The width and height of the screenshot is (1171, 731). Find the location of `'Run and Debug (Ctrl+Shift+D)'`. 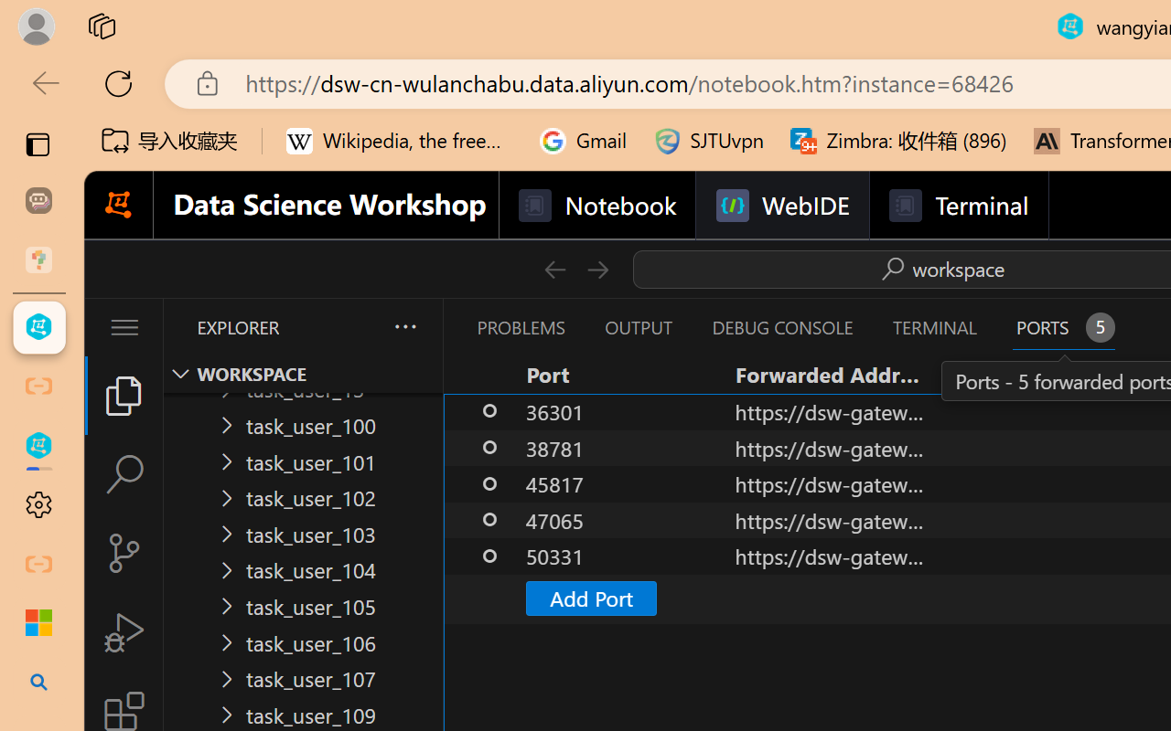

'Run and Debug (Ctrl+Shift+D)' is located at coordinates (123, 632).